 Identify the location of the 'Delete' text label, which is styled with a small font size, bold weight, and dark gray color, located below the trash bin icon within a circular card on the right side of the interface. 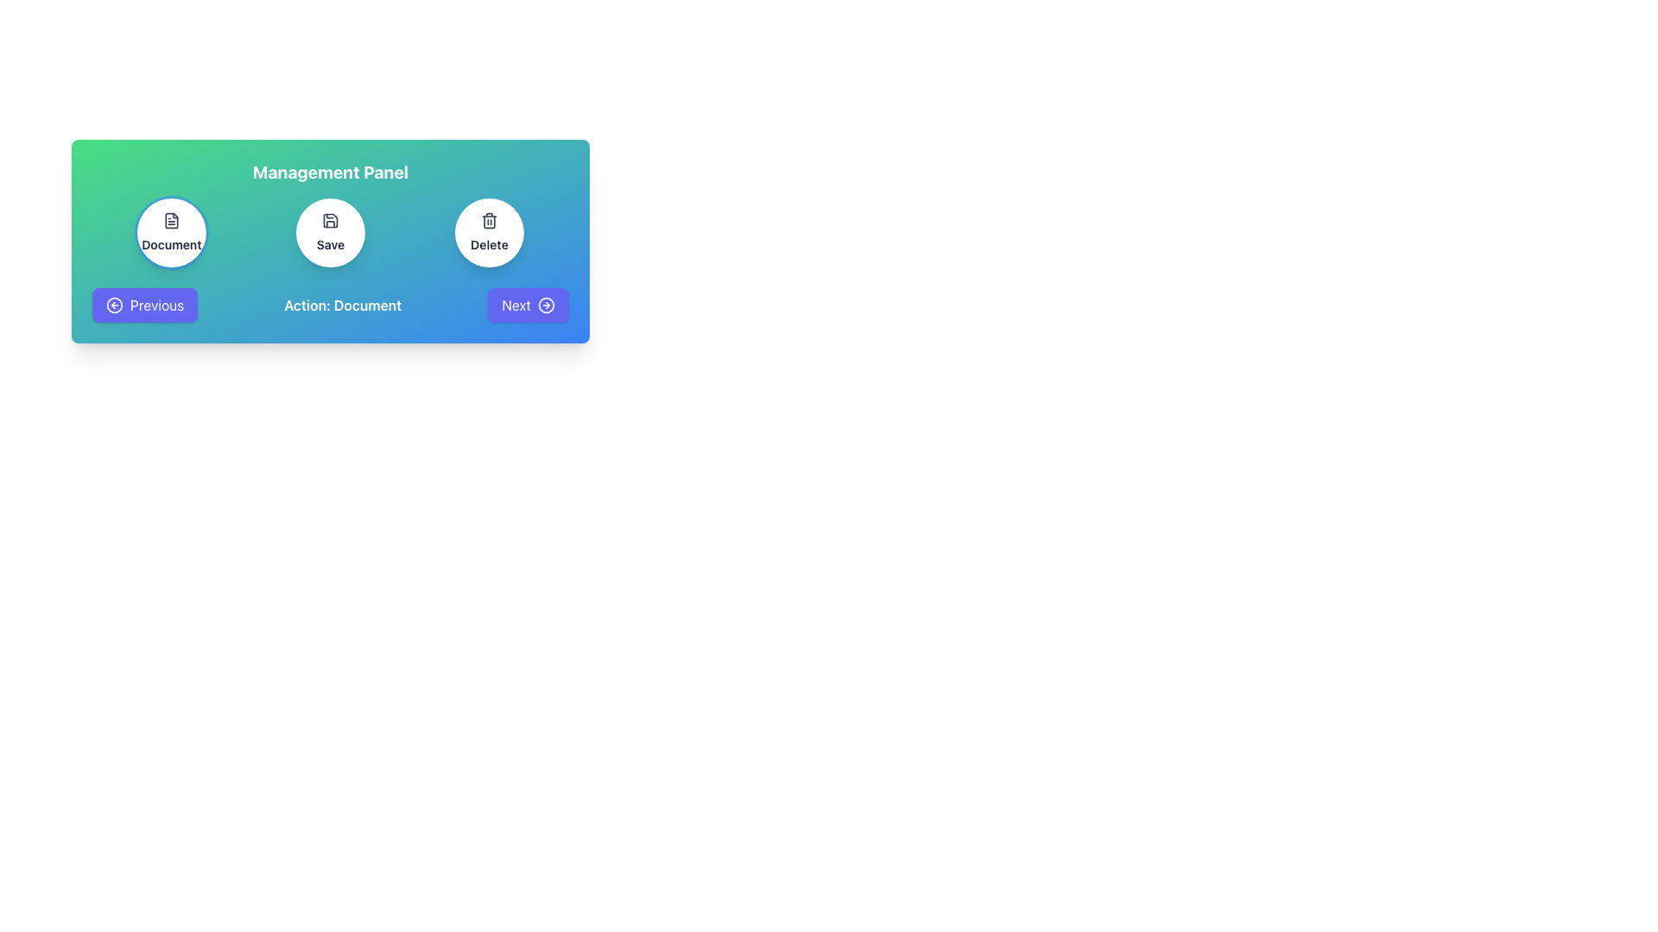
(488, 245).